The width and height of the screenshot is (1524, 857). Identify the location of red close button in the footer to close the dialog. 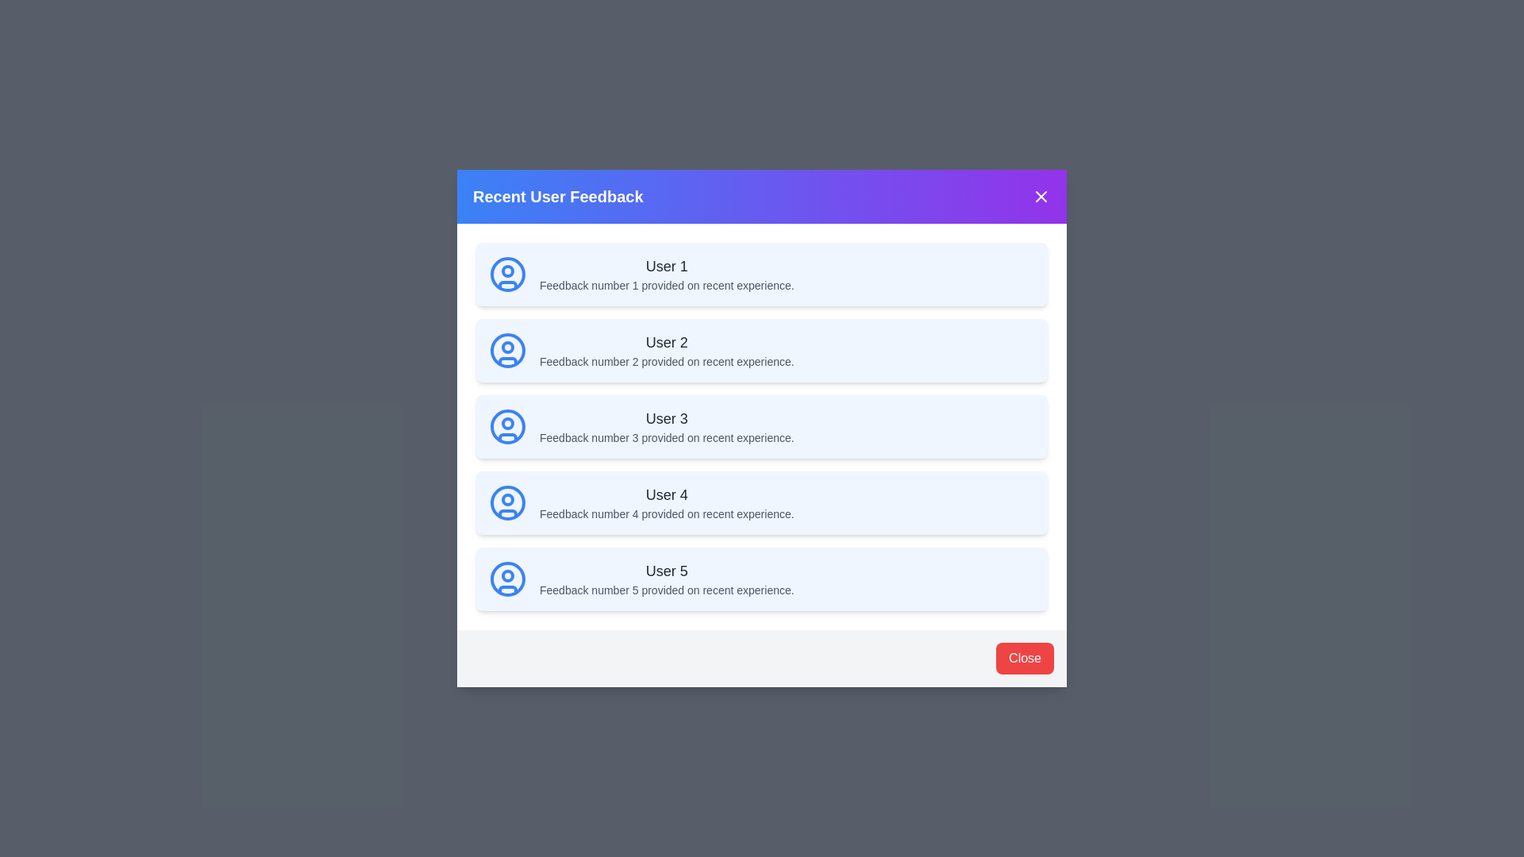
(1025, 658).